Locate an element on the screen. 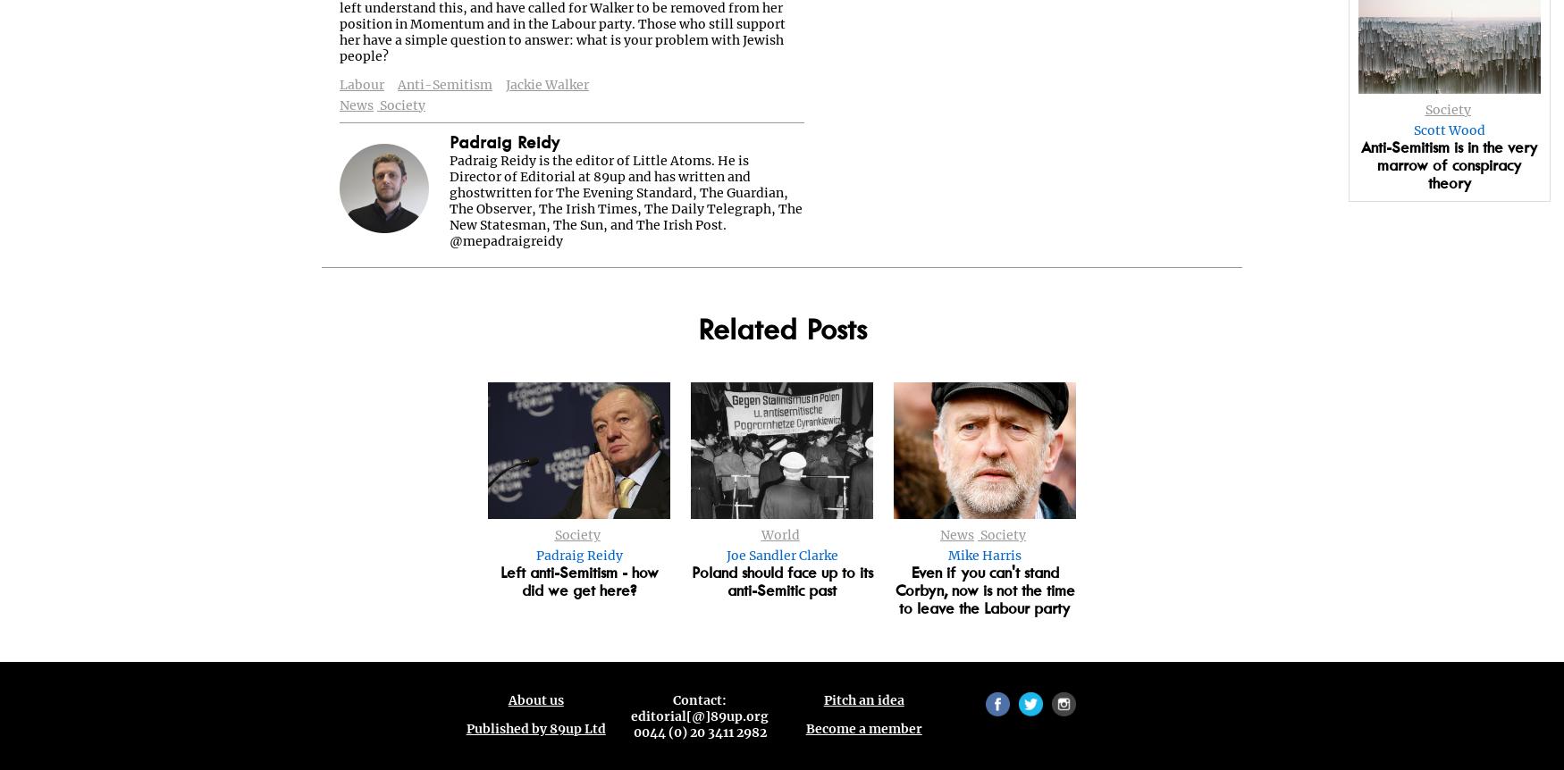 The image size is (1564, 770). 'About us' is located at coordinates (535, 701).